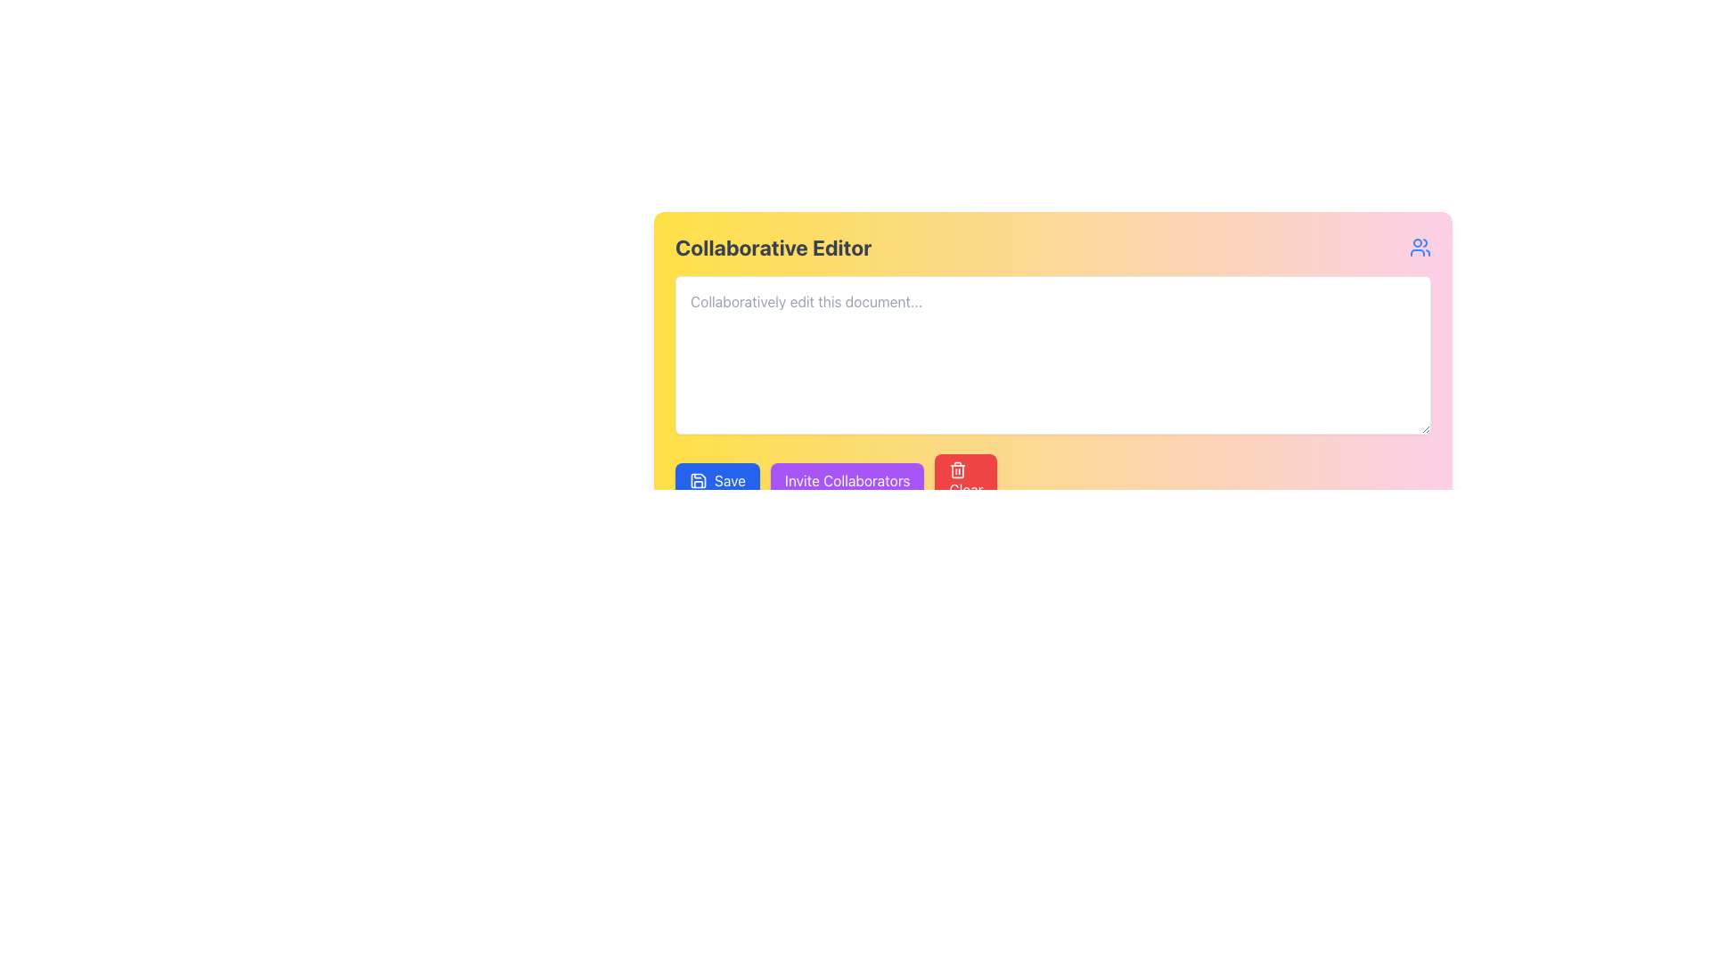 The height and width of the screenshot is (962, 1711). What do you see at coordinates (697, 481) in the screenshot?
I see `the floppy disk-like icon located within the blue 'Save' button` at bounding box center [697, 481].